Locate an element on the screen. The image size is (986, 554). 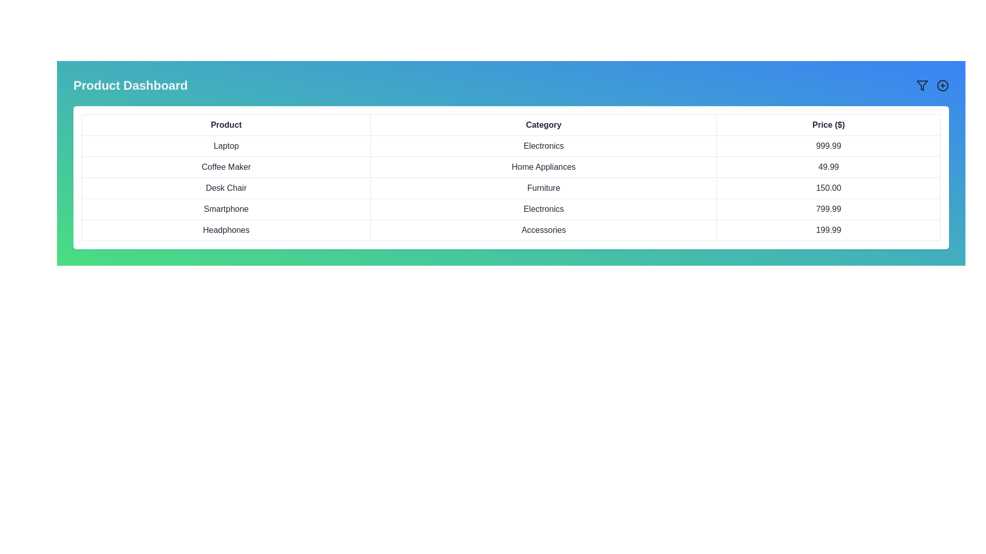
the circular icon with a plus symbol inside it, located in the top-right corner of the interface is located at coordinates (943, 85).